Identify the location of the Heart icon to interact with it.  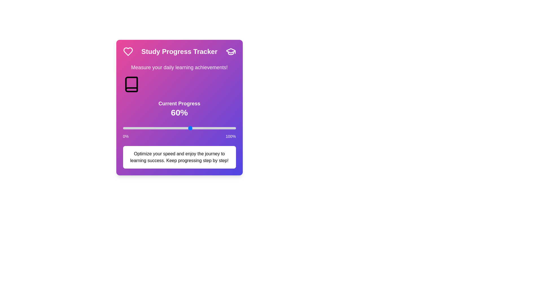
(128, 51).